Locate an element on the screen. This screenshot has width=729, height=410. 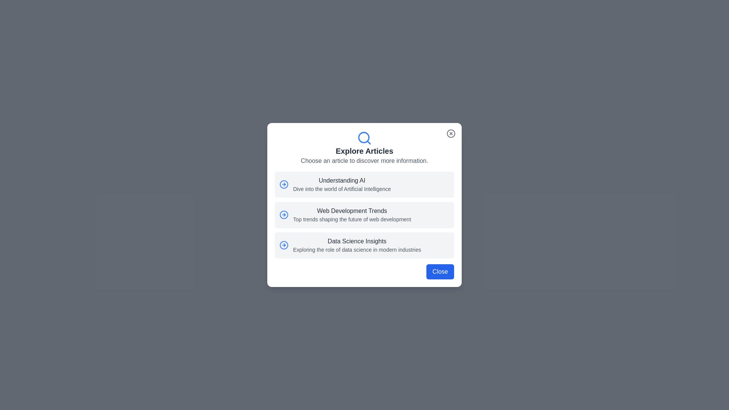
the article titled Data Science Insights from the list is located at coordinates (364, 245).